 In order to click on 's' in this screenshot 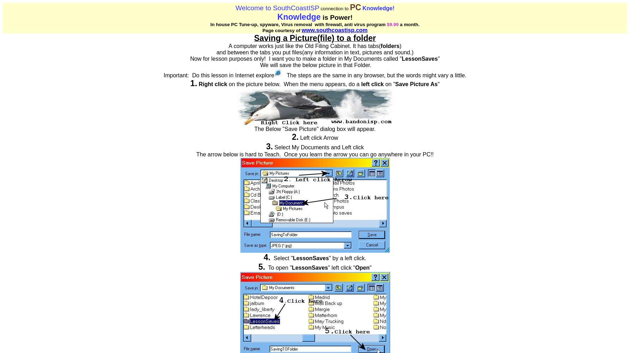, I will do `click(436, 59)`.